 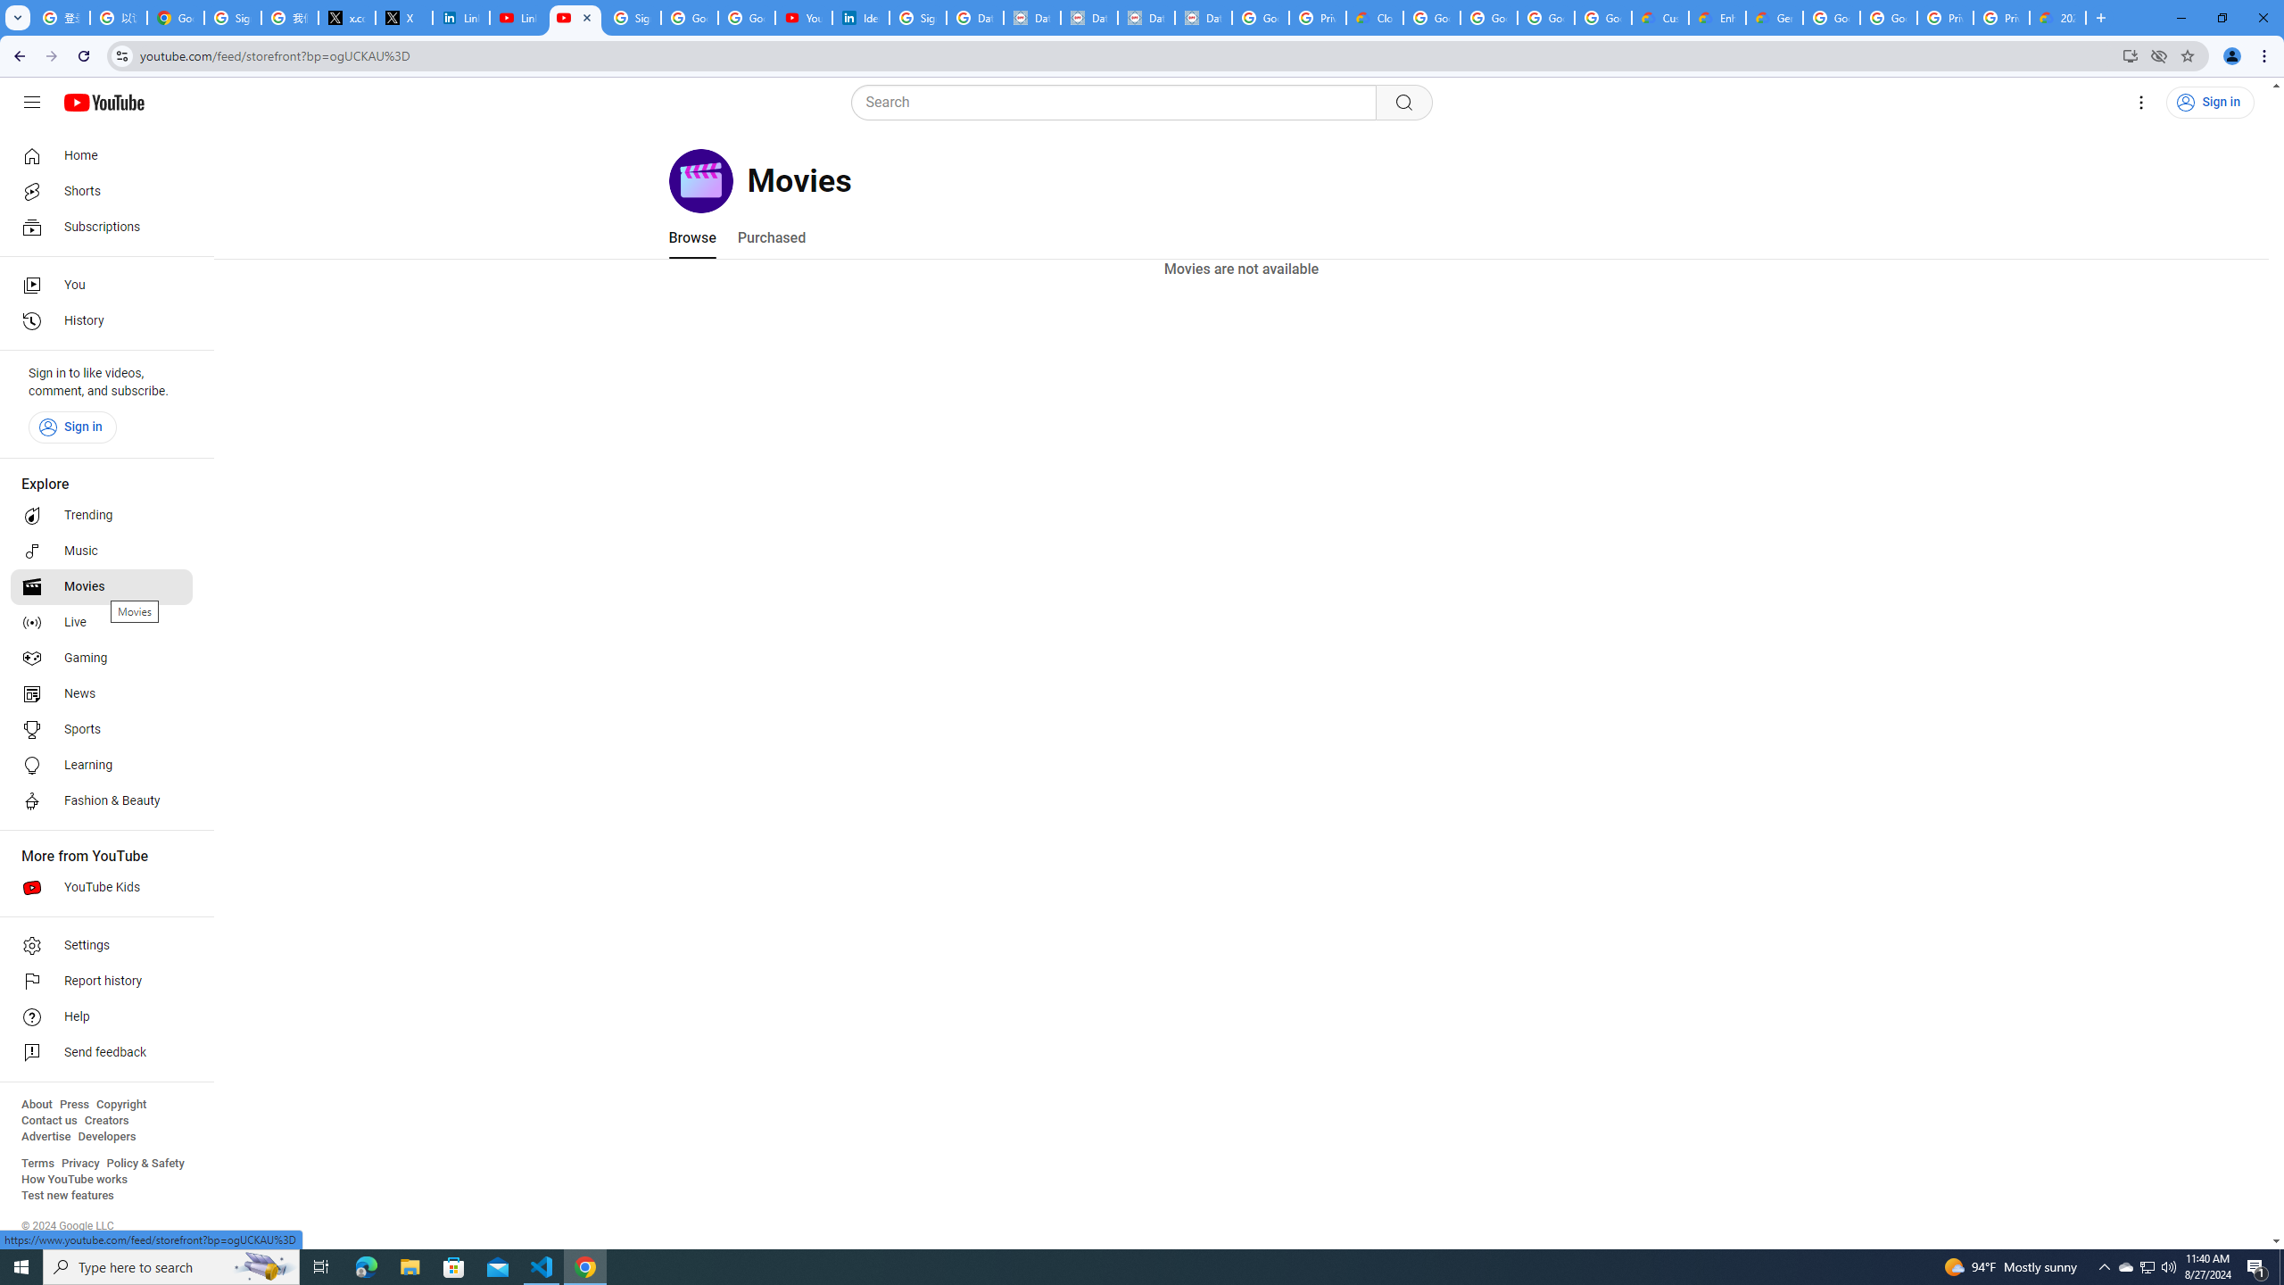 What do you see at coordinates (45, 1135) in the screenshot?
I see `'Advertise'` at bounding box center [45, 1135].